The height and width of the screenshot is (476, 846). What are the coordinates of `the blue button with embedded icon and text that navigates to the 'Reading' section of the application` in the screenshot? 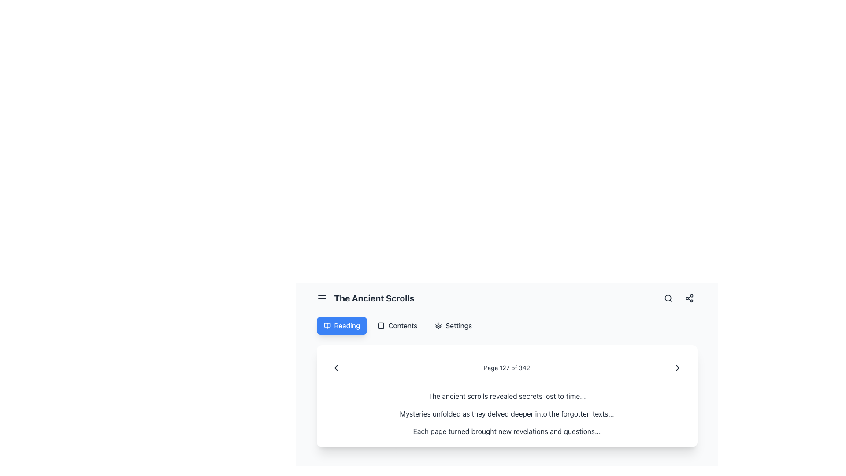 It's located at (341, 326).